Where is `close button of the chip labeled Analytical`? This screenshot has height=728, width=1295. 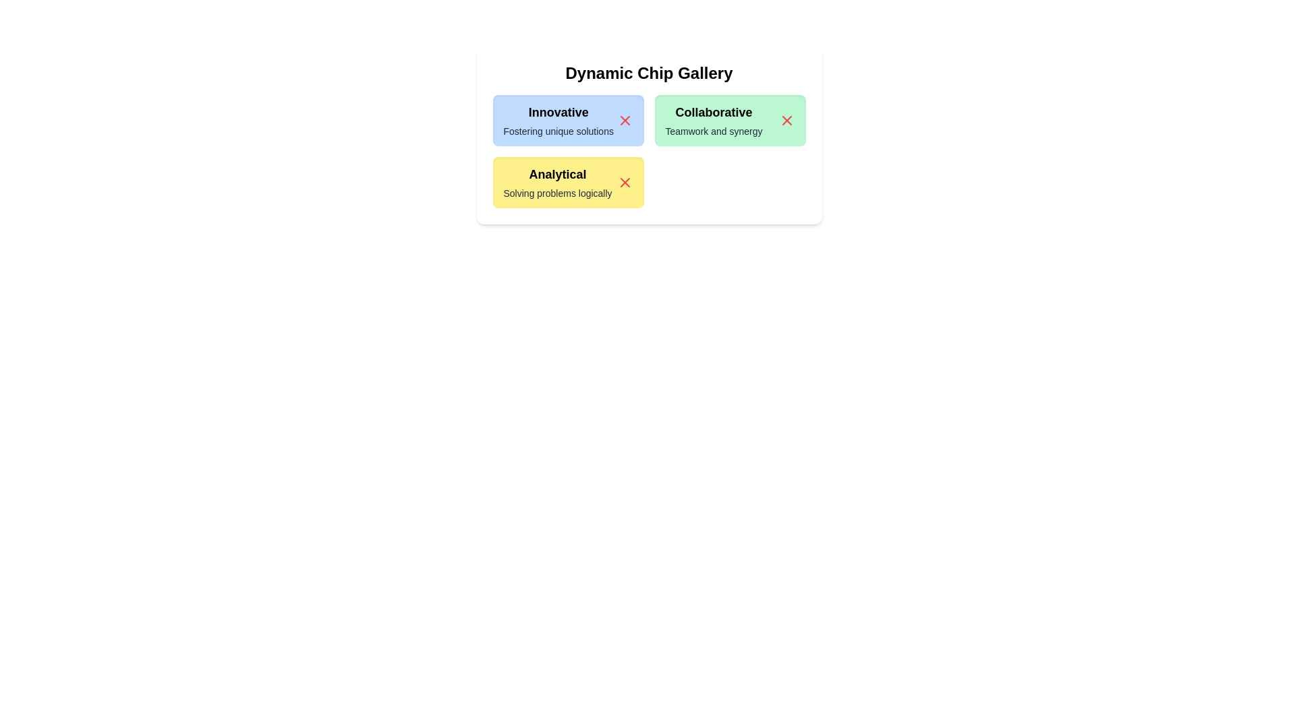
close button of the chip labeled Analytical is located at coordinates (624, 182).